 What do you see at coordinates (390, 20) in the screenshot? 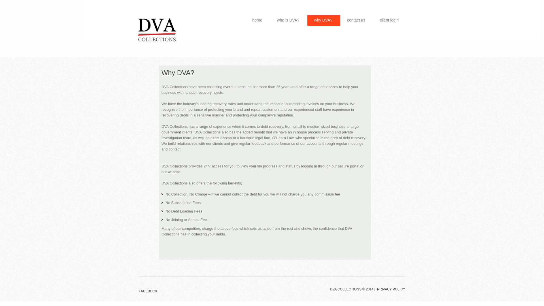
I see `'client login'` at bounding box center [390, 20].